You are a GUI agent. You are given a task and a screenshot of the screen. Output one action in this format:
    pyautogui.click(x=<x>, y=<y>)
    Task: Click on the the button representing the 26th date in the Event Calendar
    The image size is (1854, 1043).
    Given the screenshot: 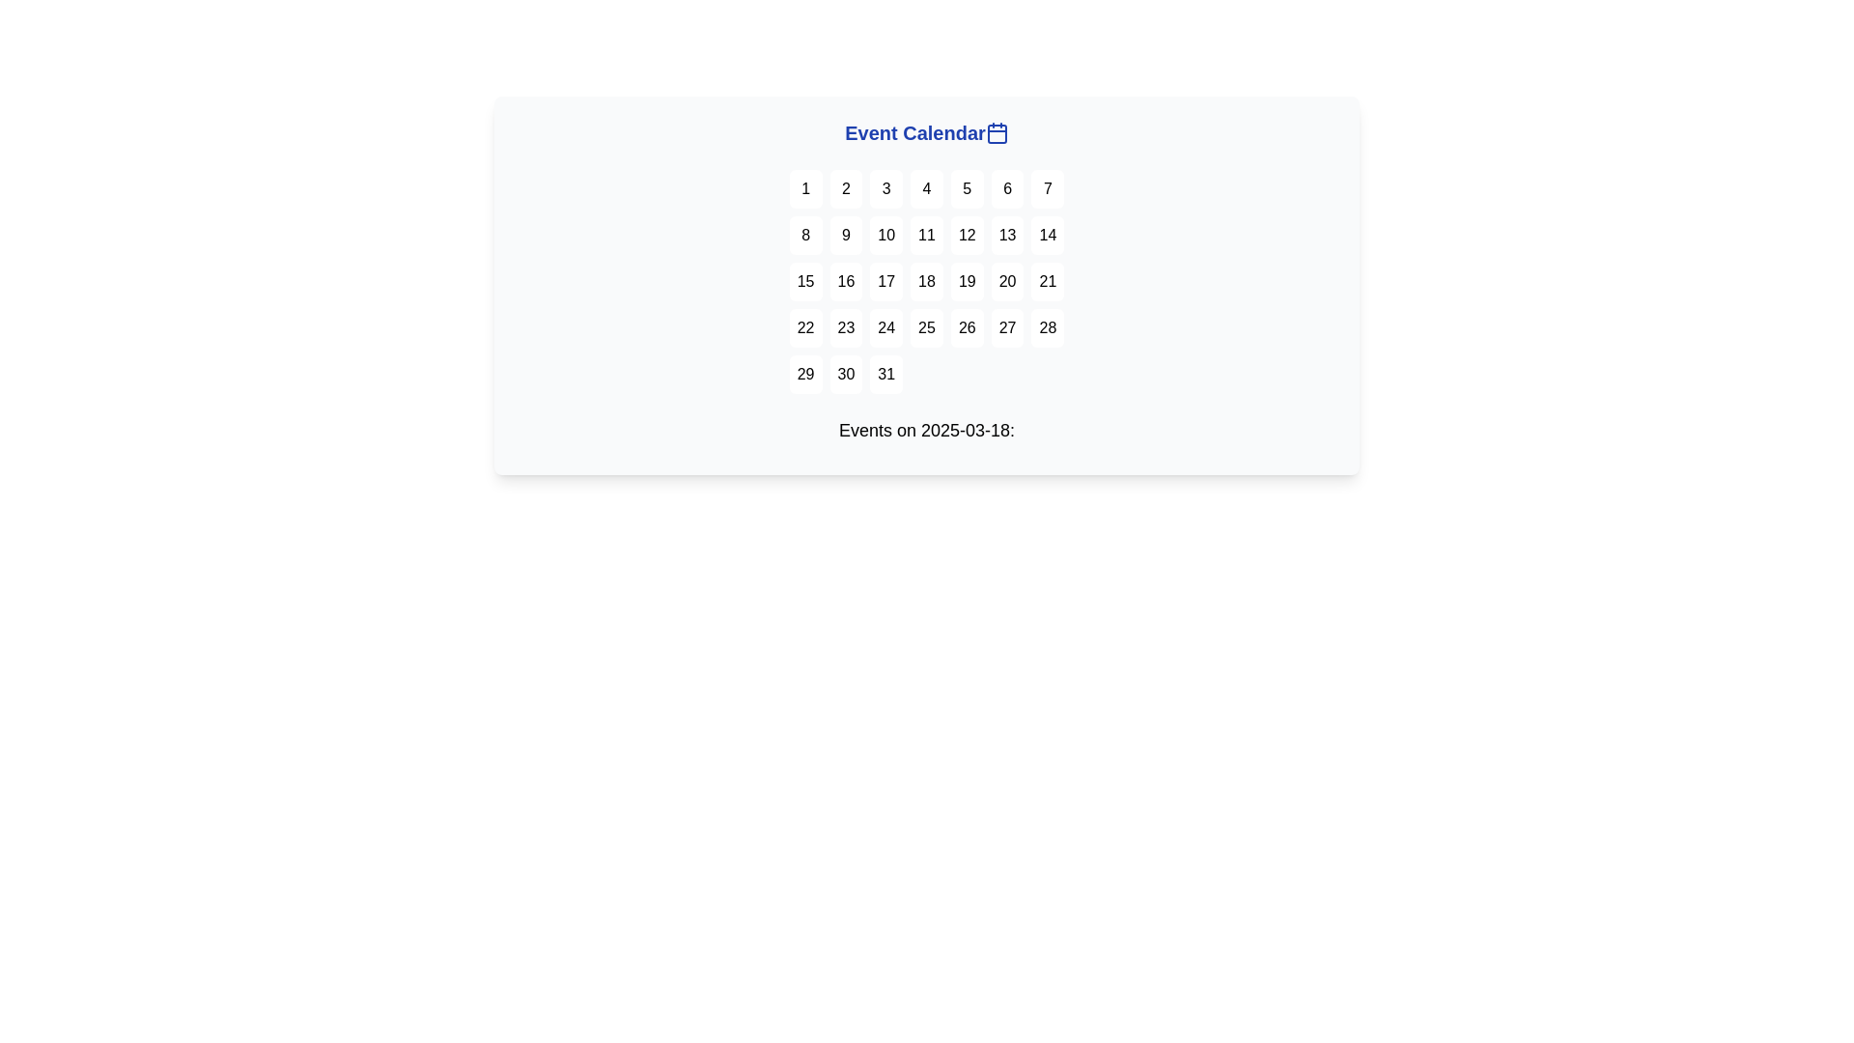 What is the action you would take?
    pyautogui.click(x=967, y=326)
    